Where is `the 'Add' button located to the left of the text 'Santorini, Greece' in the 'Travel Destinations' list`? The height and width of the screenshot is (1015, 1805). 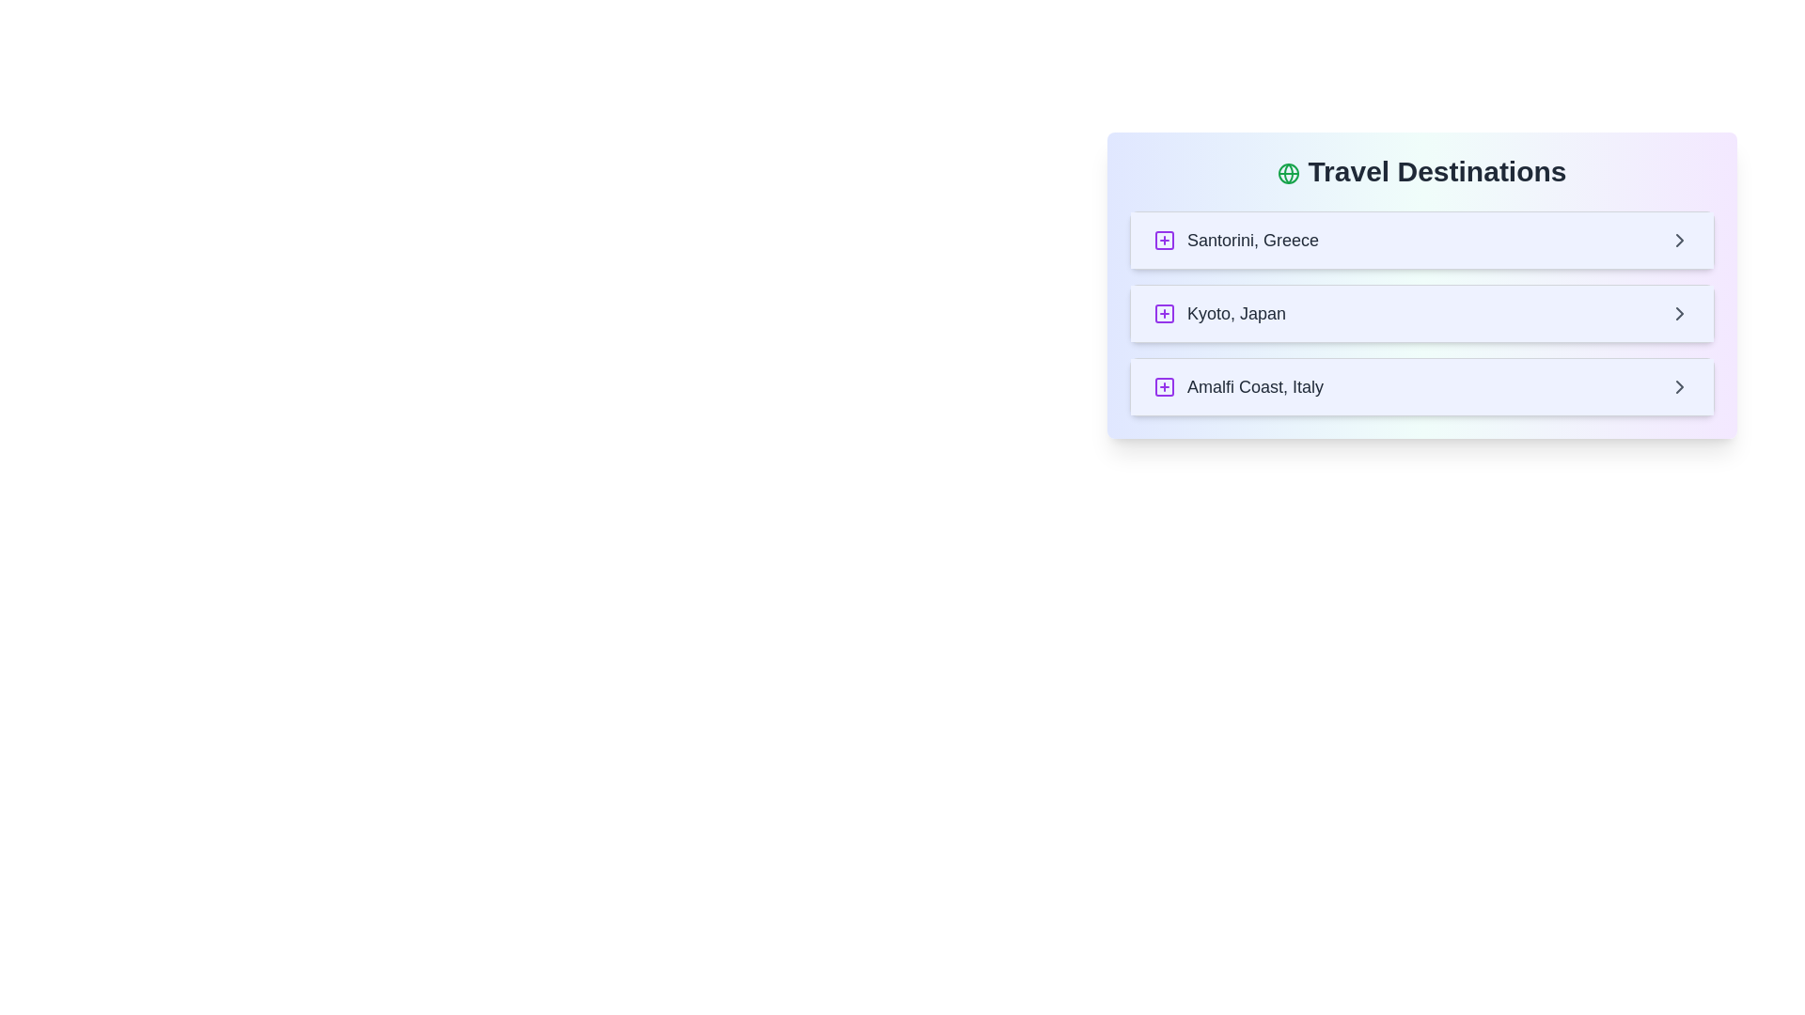
the 'Add' button located to the left of the text 'Santorini, Greece' in the 'Travel Destinations' list is located at coordinates (1163, 239).